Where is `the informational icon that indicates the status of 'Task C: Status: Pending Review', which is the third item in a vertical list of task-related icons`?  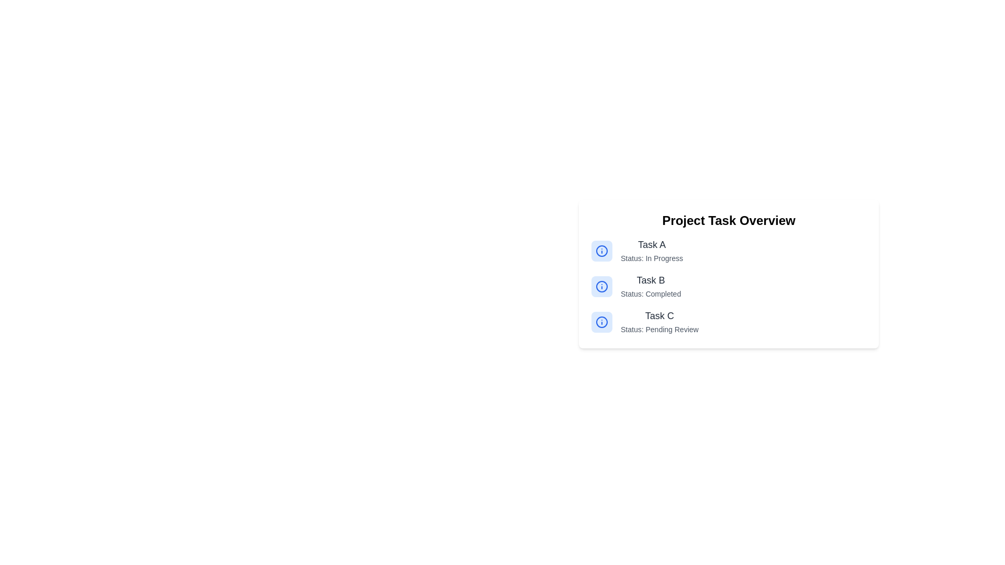 the informational icon that indicates the status of 'Task C: Status: Pending Review', which is the third item in a vertical list of task-related icons is located at coordinates (602, 322).